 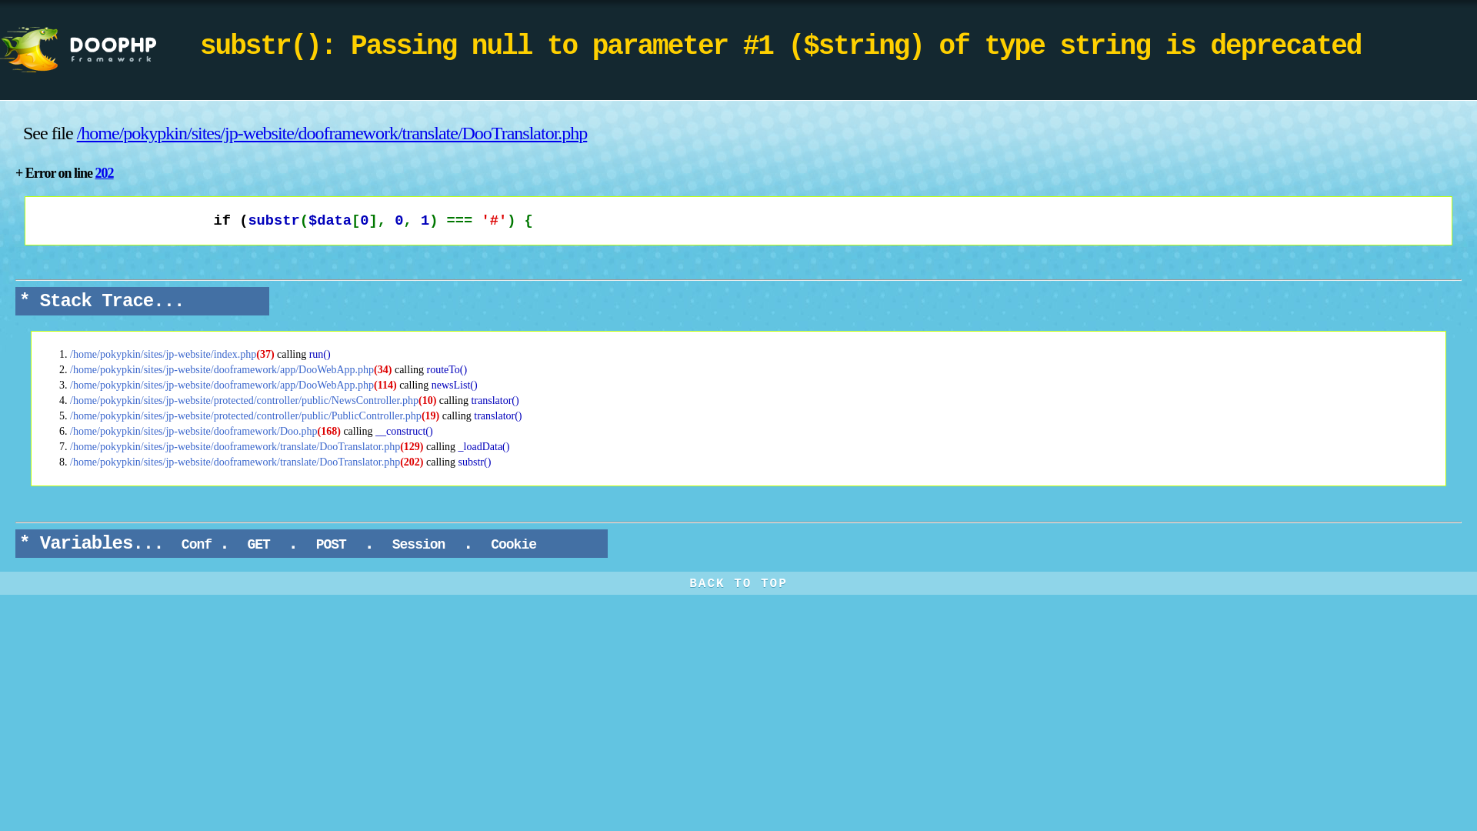 What do you see at coordinates (418, 544) in the screenshot?
I see `' Session '` at bounding box center [418, 544].